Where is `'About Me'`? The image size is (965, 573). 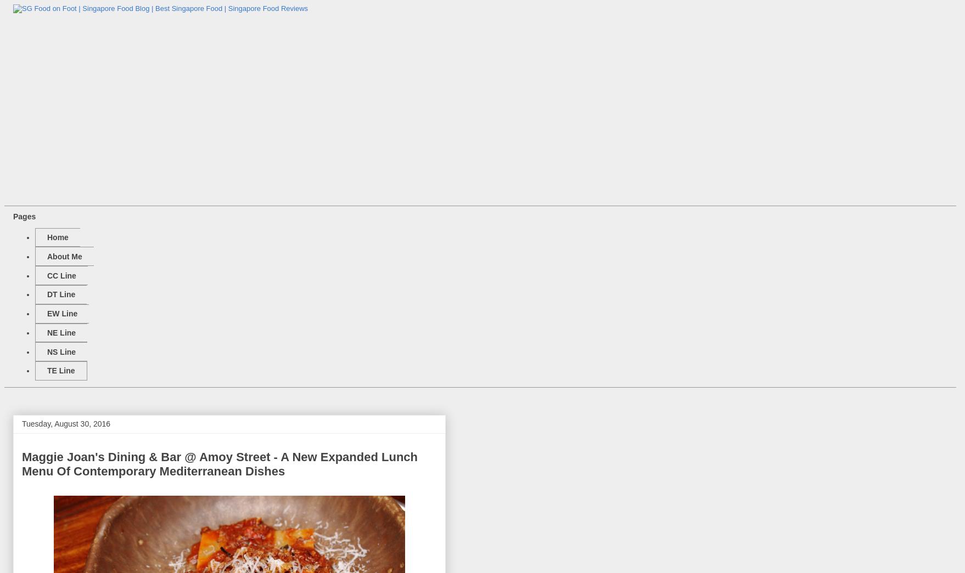
'About Me' is located at coordinates (47, 256).